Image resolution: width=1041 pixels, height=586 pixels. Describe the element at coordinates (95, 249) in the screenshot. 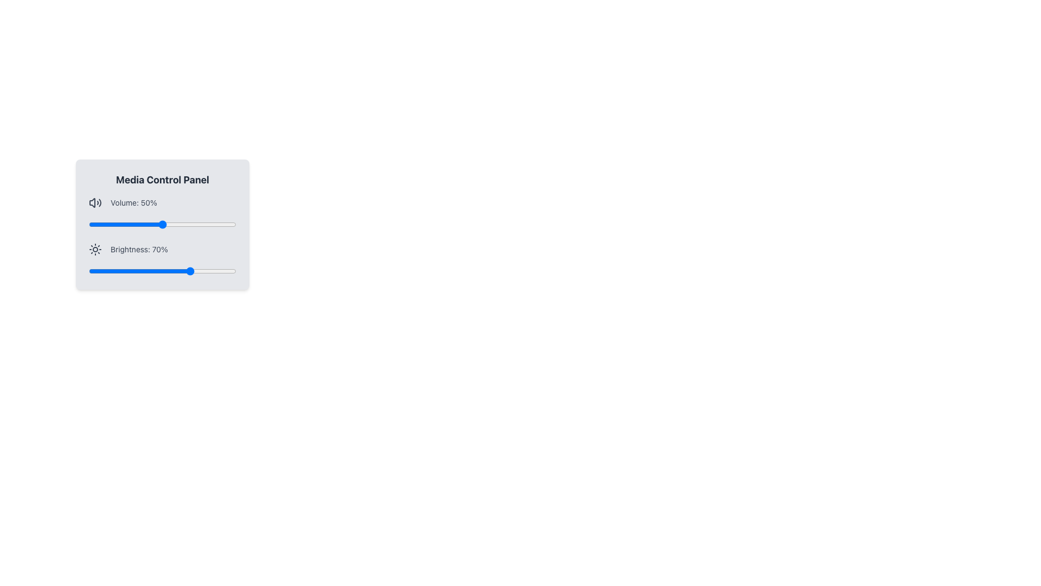

I see `the dark gray sun icon located to the left of the text 'Brightness: 70%' in the top-left corner of the 'Brightness' settings row within the control panel for informational purposes` at that location.